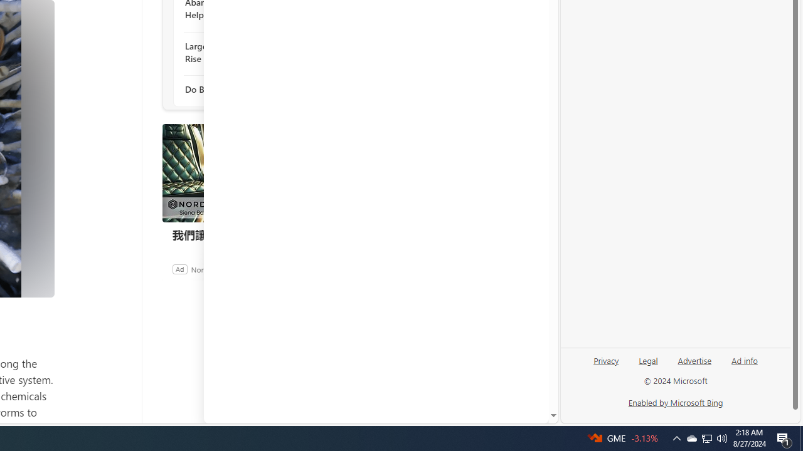 Image resolution: width=803 pixels, height=451 pixels. I want to click on 'Legal', so click(648, 360).